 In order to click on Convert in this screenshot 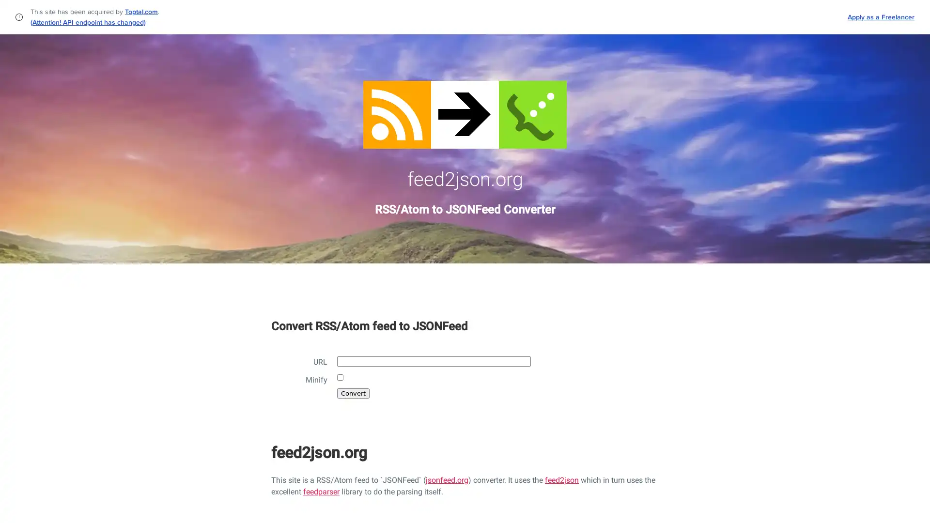, I will do `click(353, 393)`.